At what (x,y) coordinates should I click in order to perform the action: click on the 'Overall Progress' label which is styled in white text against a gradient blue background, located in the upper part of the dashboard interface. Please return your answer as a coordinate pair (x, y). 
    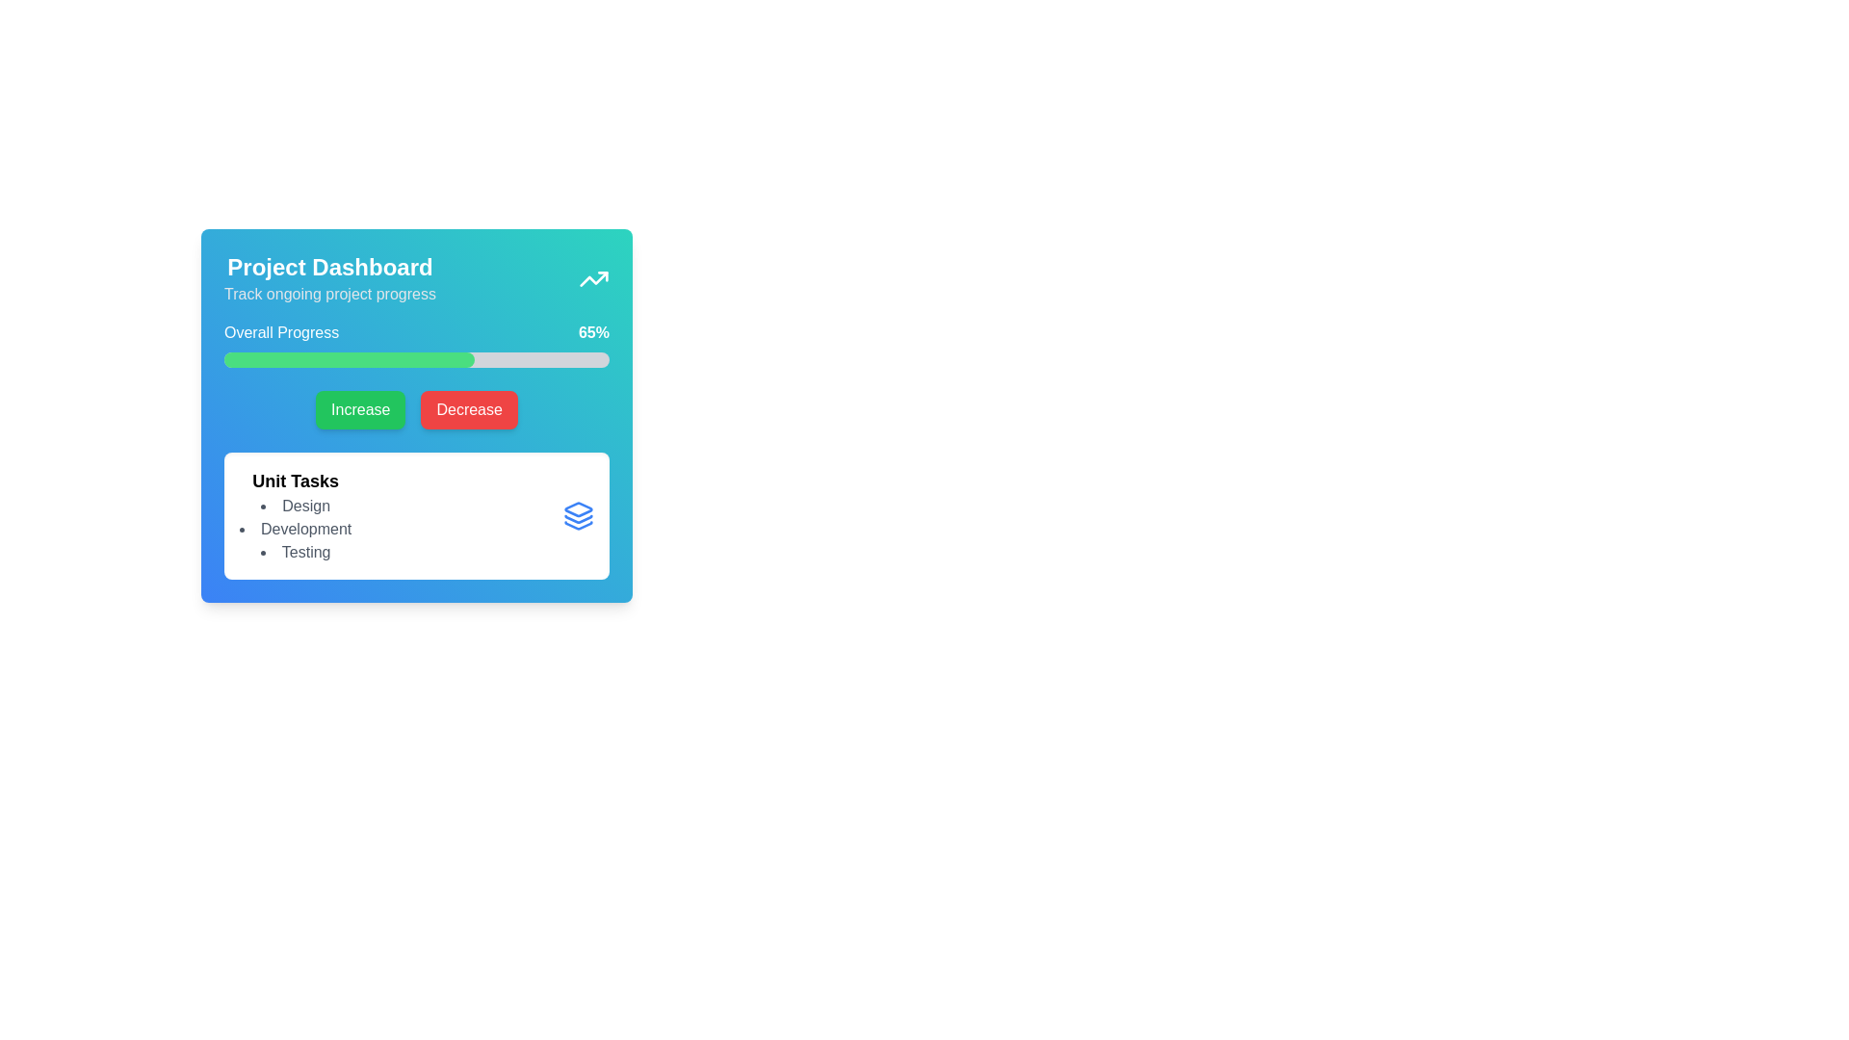
    Looking at the image, I should click on (280, 332).